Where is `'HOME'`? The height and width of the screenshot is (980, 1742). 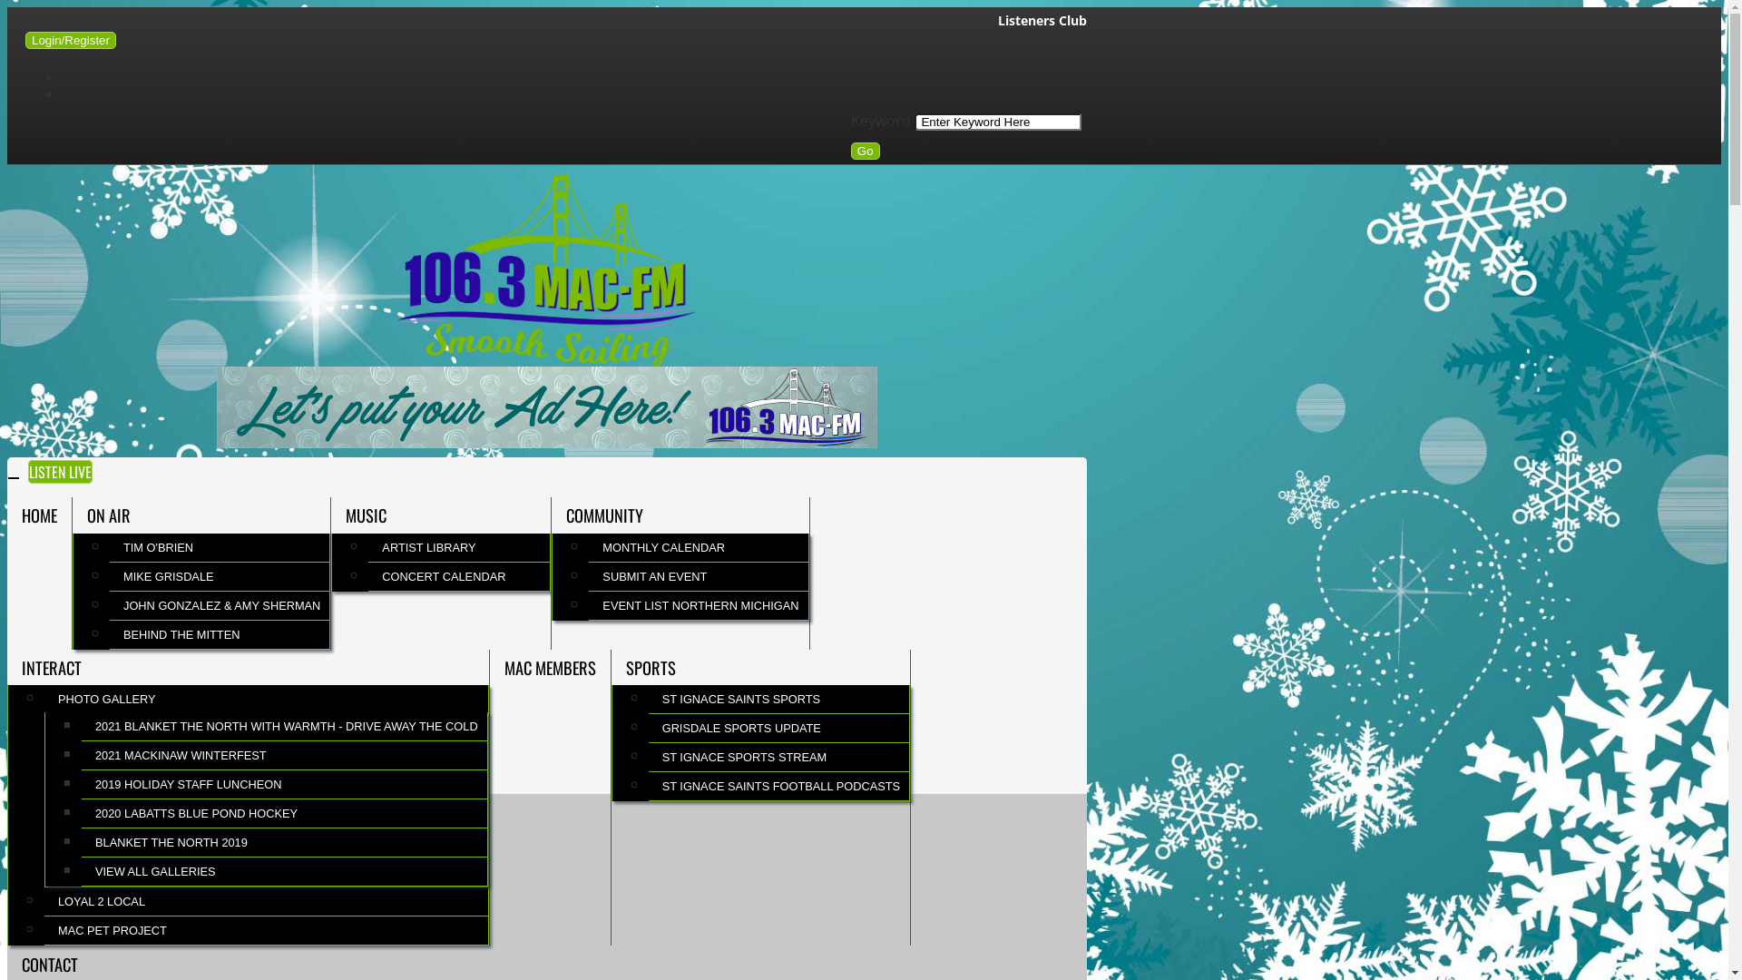 'HOME' is located at coordinates (7, 514).